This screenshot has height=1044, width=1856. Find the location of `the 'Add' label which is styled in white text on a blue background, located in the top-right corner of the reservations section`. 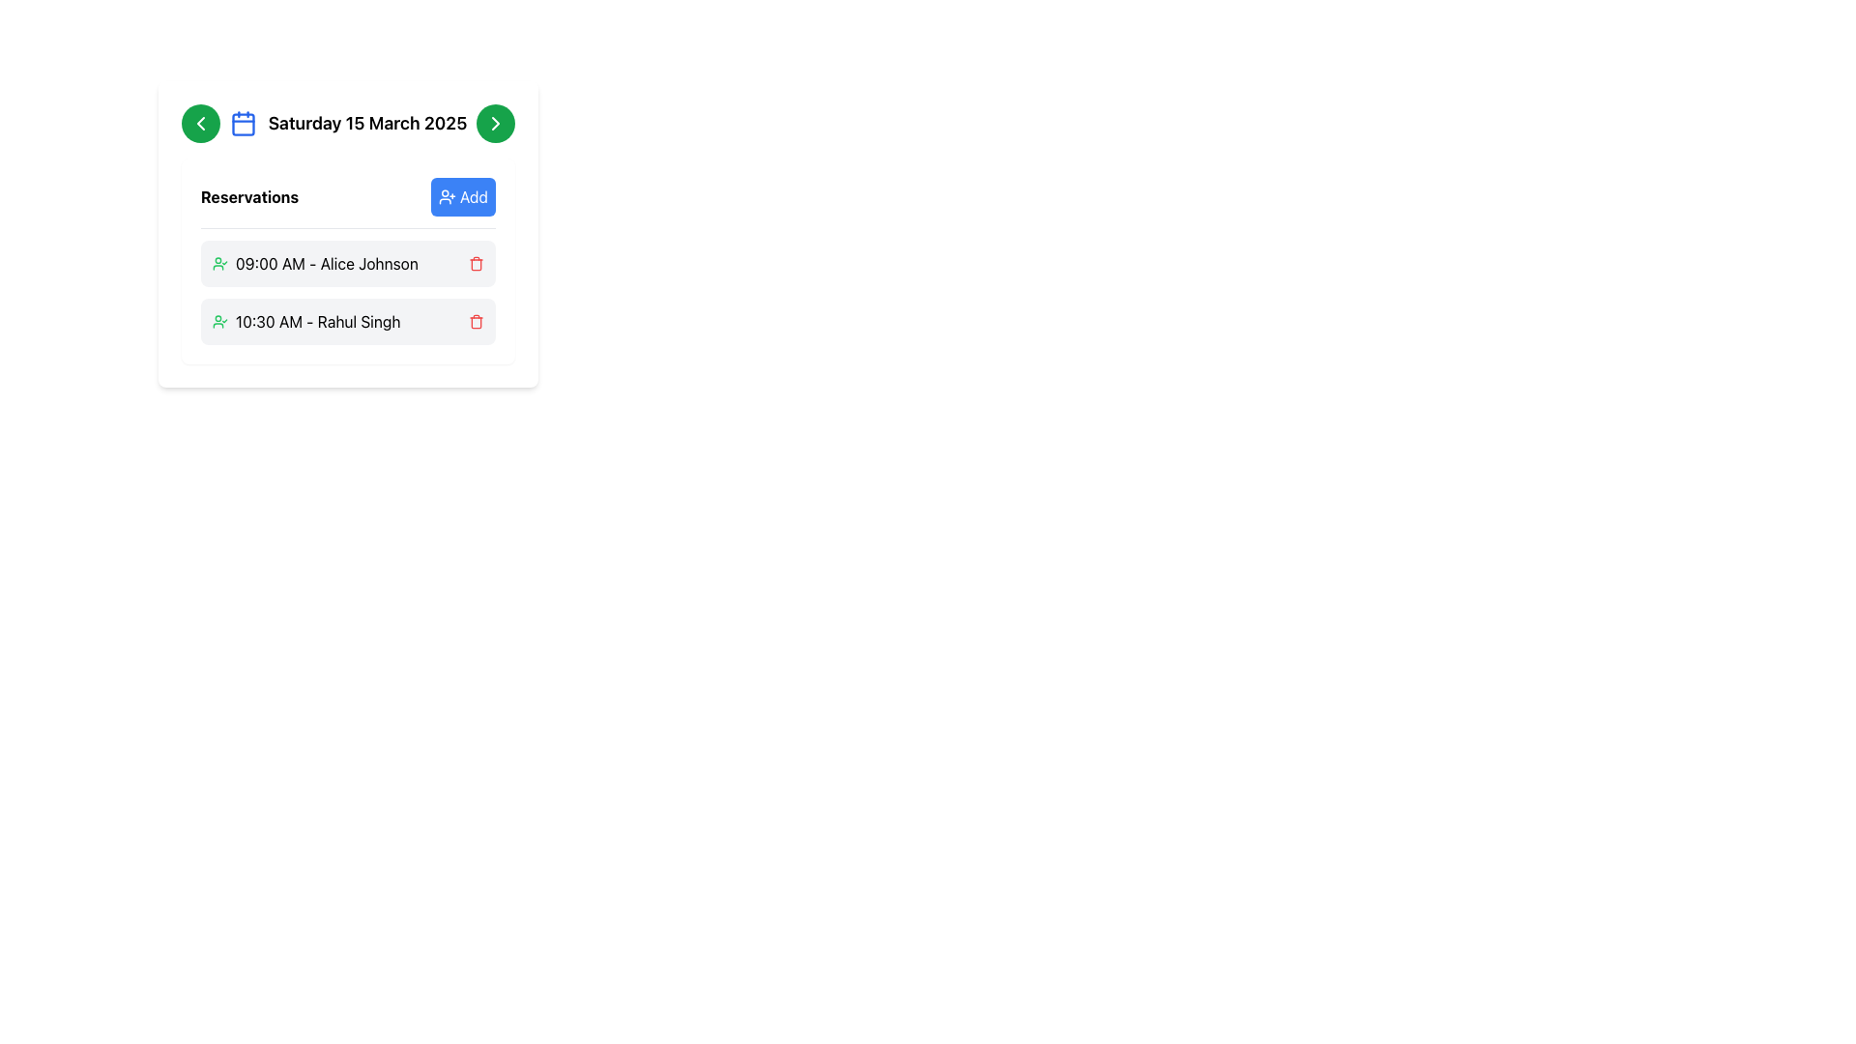

the 'Add' label which is styled in white text on a blue background, located in the top-right corner of the reservations section is located at coordinates (474, 197).